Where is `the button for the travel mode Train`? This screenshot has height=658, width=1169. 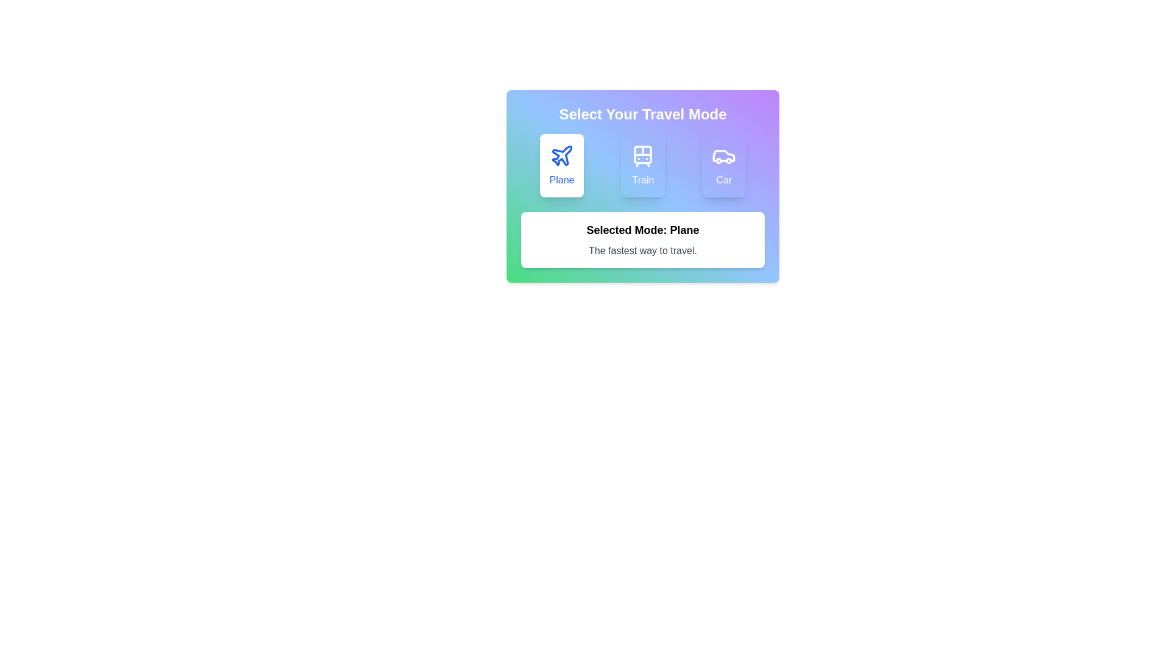 the button for the travel mode Train is located at coordinates (642, 166).